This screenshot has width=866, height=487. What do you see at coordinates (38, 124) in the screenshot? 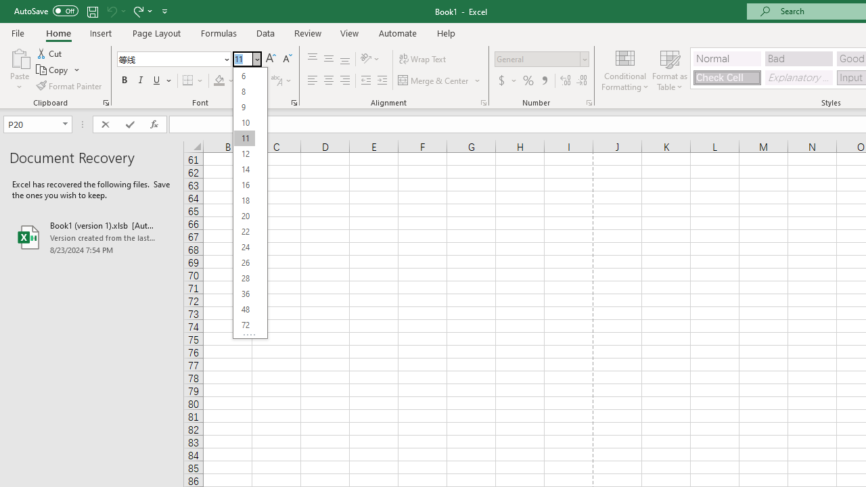
I see `'Name Box'` at bounding box center [38, 124].